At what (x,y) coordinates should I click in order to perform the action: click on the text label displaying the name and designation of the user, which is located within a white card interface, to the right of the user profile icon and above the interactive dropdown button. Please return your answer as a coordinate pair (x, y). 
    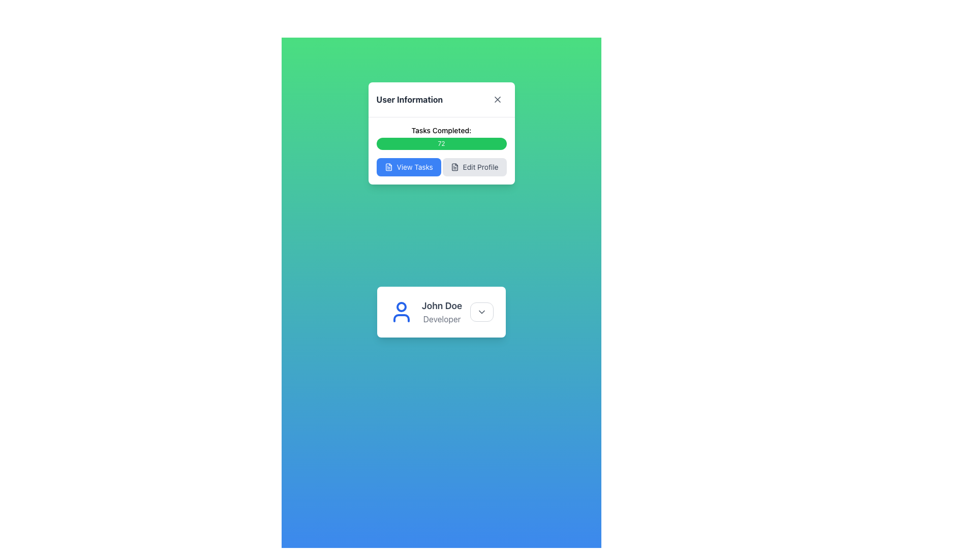
    Looking at the image, I should click on (442, 311).